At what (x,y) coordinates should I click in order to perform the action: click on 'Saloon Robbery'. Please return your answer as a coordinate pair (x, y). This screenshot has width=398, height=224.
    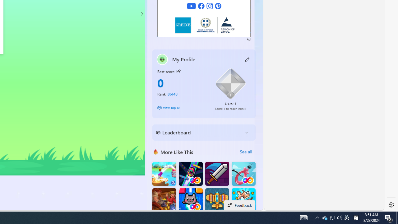
    Looking at the image, I should click on (164, 200).